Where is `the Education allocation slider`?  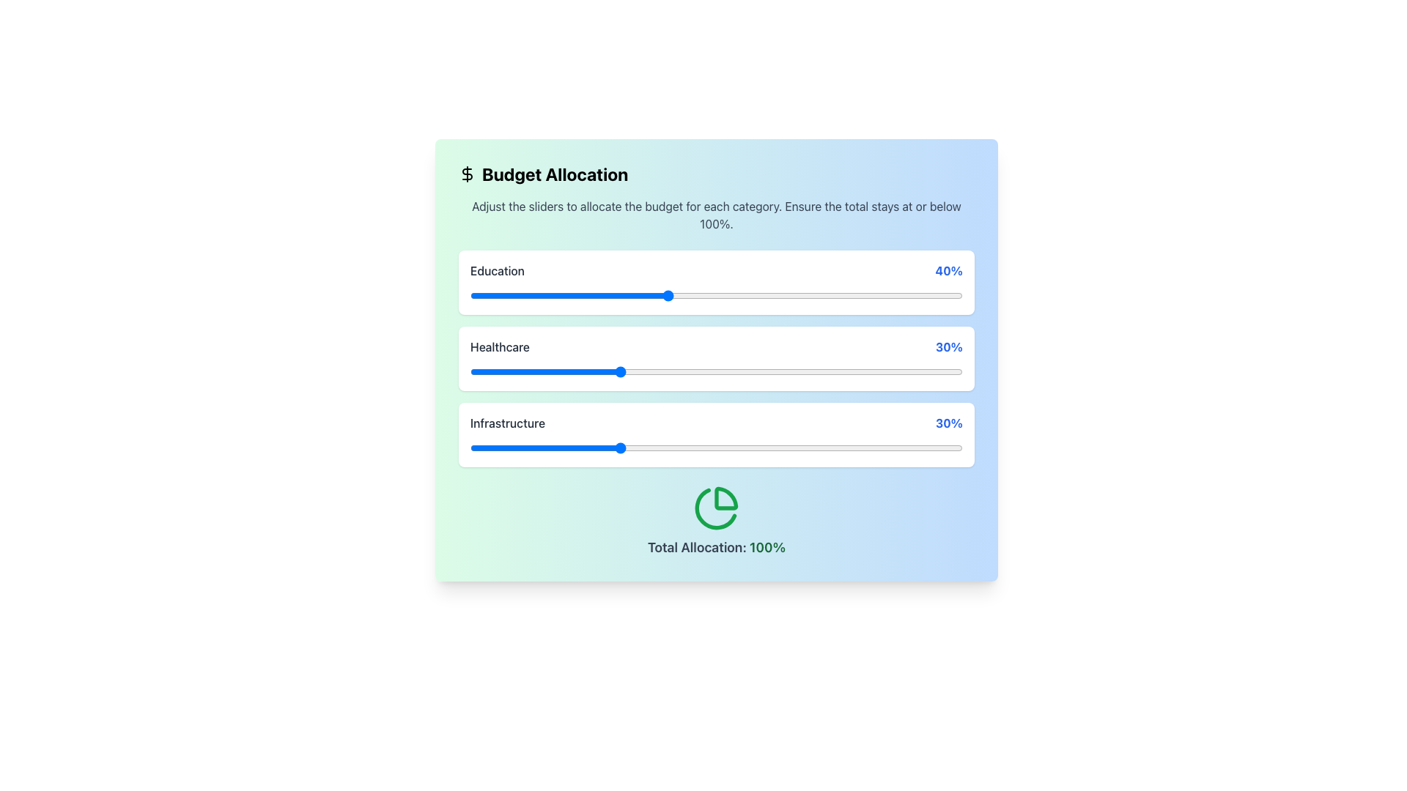 the Education allocation slider is located at coordinates (603, 296).